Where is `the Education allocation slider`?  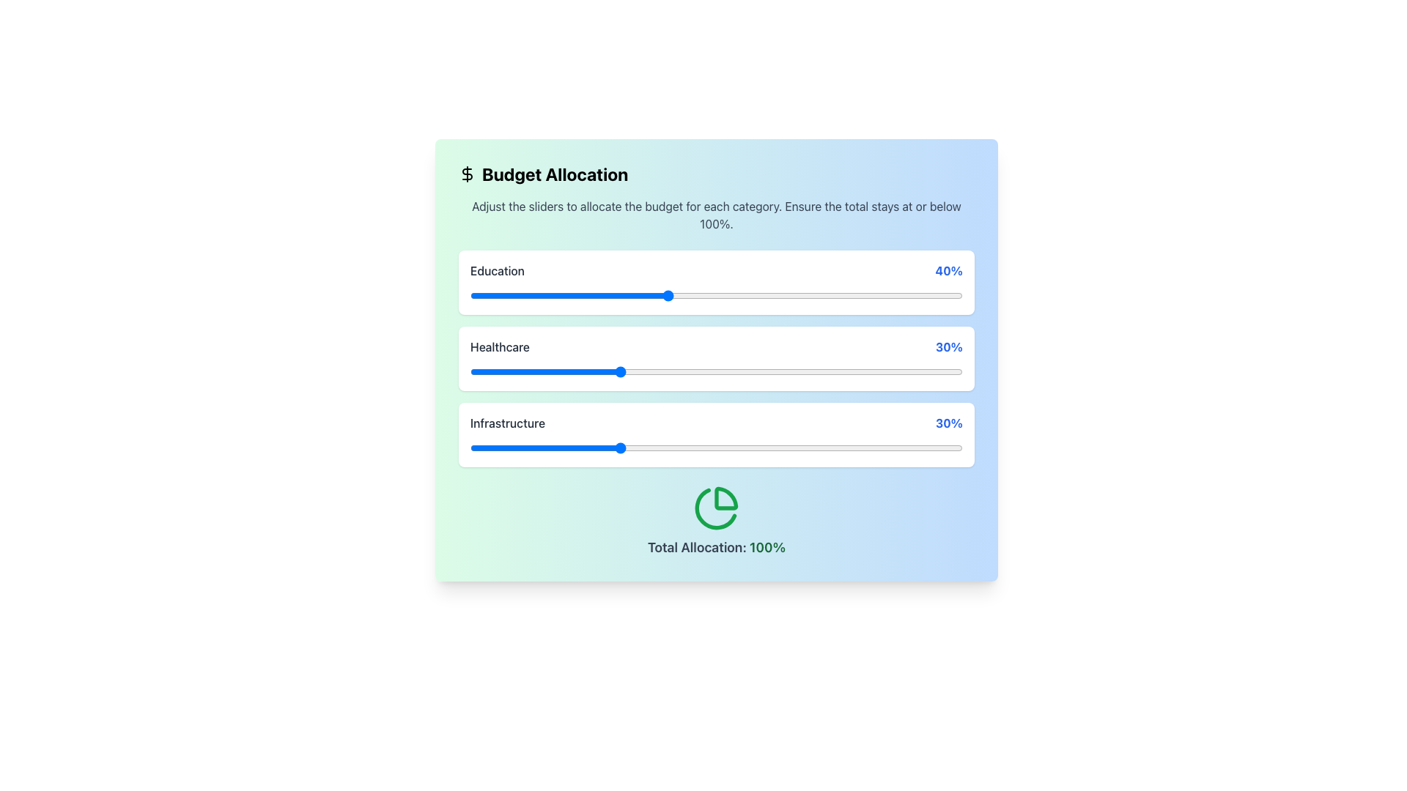 the Education allocation slider is located at coordinates (603, 296).